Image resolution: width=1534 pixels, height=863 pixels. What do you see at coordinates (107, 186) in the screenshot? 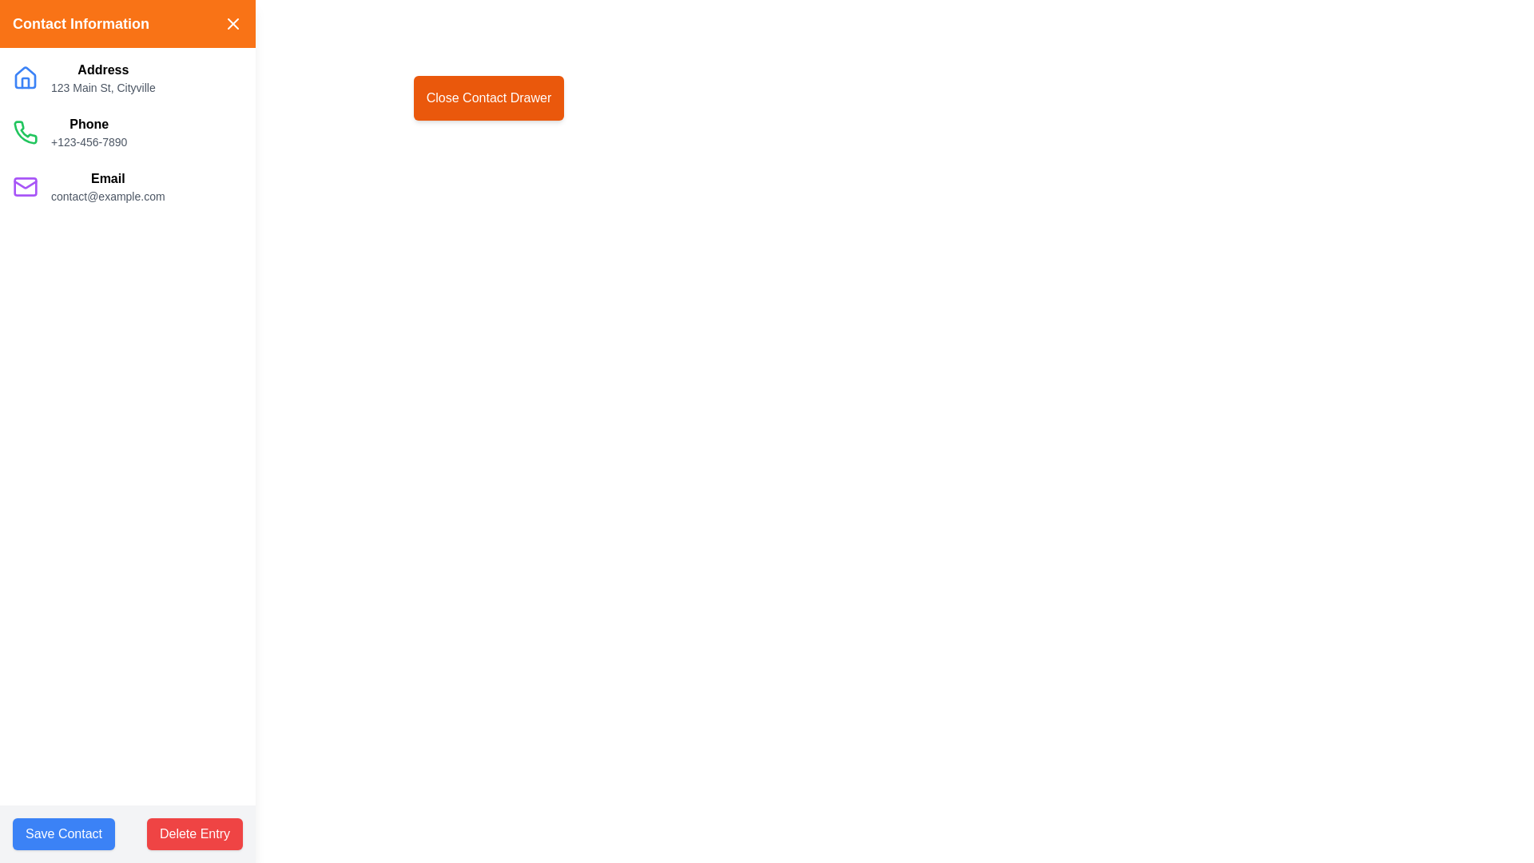
I see `the 'Email' text display element, which is the third entry in the contact information list, featuring the text 'Email' in bold and 'contact@example.com' in a lighter font, located below the 'Phone' entry` at bounding box center [107, 186].